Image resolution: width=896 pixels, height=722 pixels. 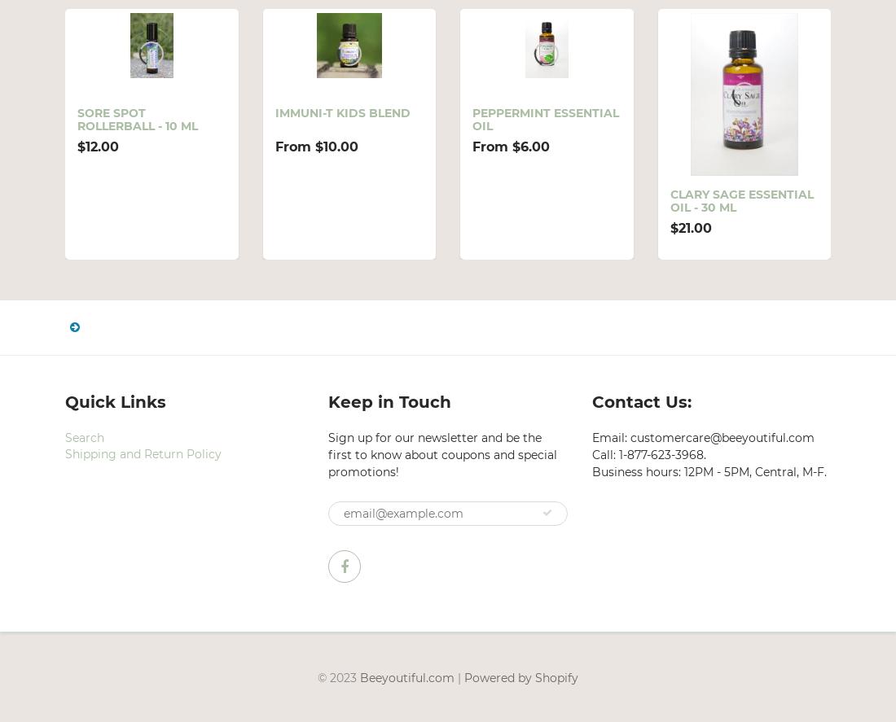 What do you see at coordinates (707, 470) in the screenshot?
I see `'Business hours: 12PM - 5PM, Central, M-F.'` at bounding box center [707, 470].